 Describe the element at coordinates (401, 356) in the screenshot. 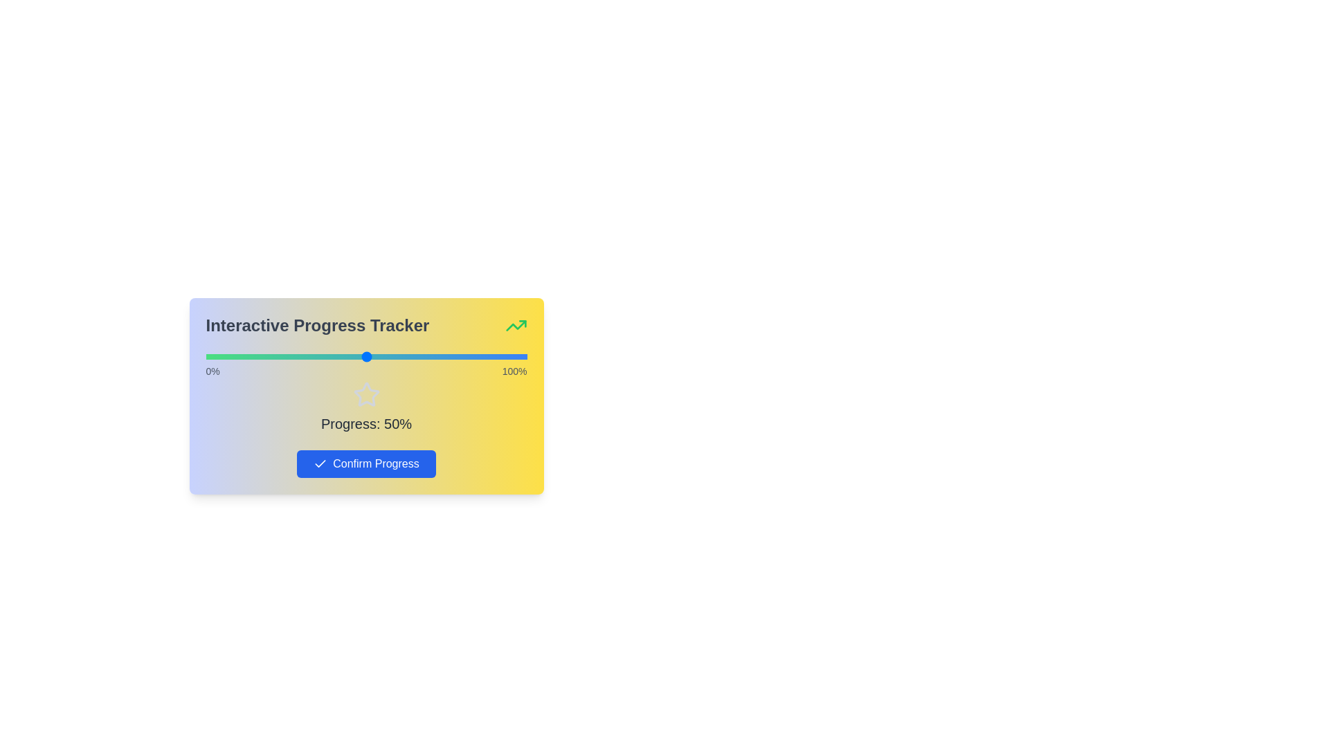

I see `the slider to set the progress percentage to 61` at that location.